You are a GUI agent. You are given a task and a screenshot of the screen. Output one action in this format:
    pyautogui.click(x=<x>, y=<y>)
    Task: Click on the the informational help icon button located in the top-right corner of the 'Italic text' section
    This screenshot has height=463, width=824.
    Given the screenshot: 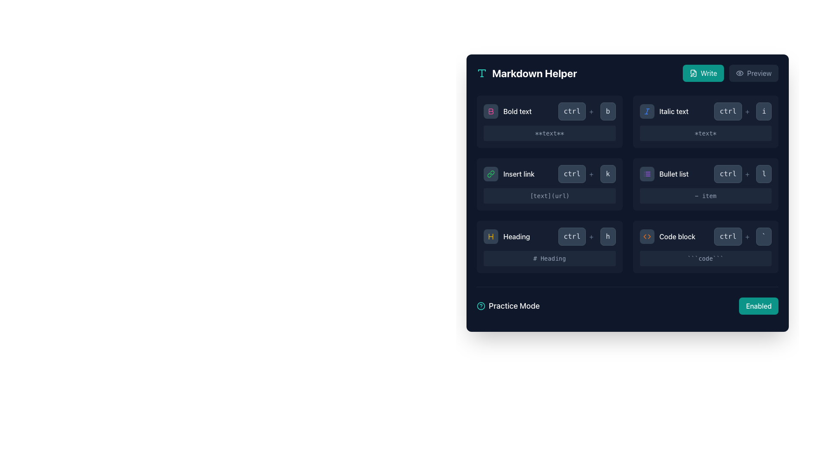 What is the action you would take?
    pyautogui.click(x=764, y=111)
    